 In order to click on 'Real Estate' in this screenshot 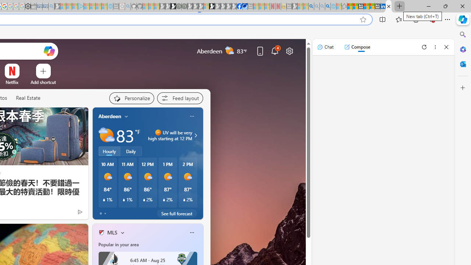, I will do `click(28, 98)`.